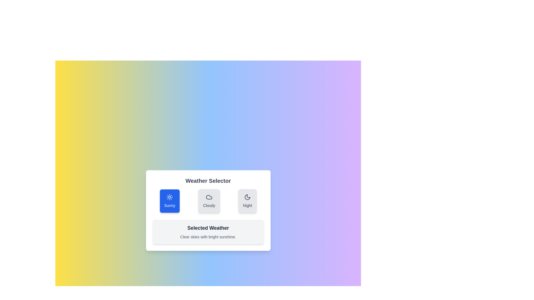 The image size is (534, 300). I want to click on the 'Sunny' weather selection button, which is a rectangular button with rounded corners, a blue background, a sun icon at the top, and the label 'Sunny' in white text, so click(169, 201).